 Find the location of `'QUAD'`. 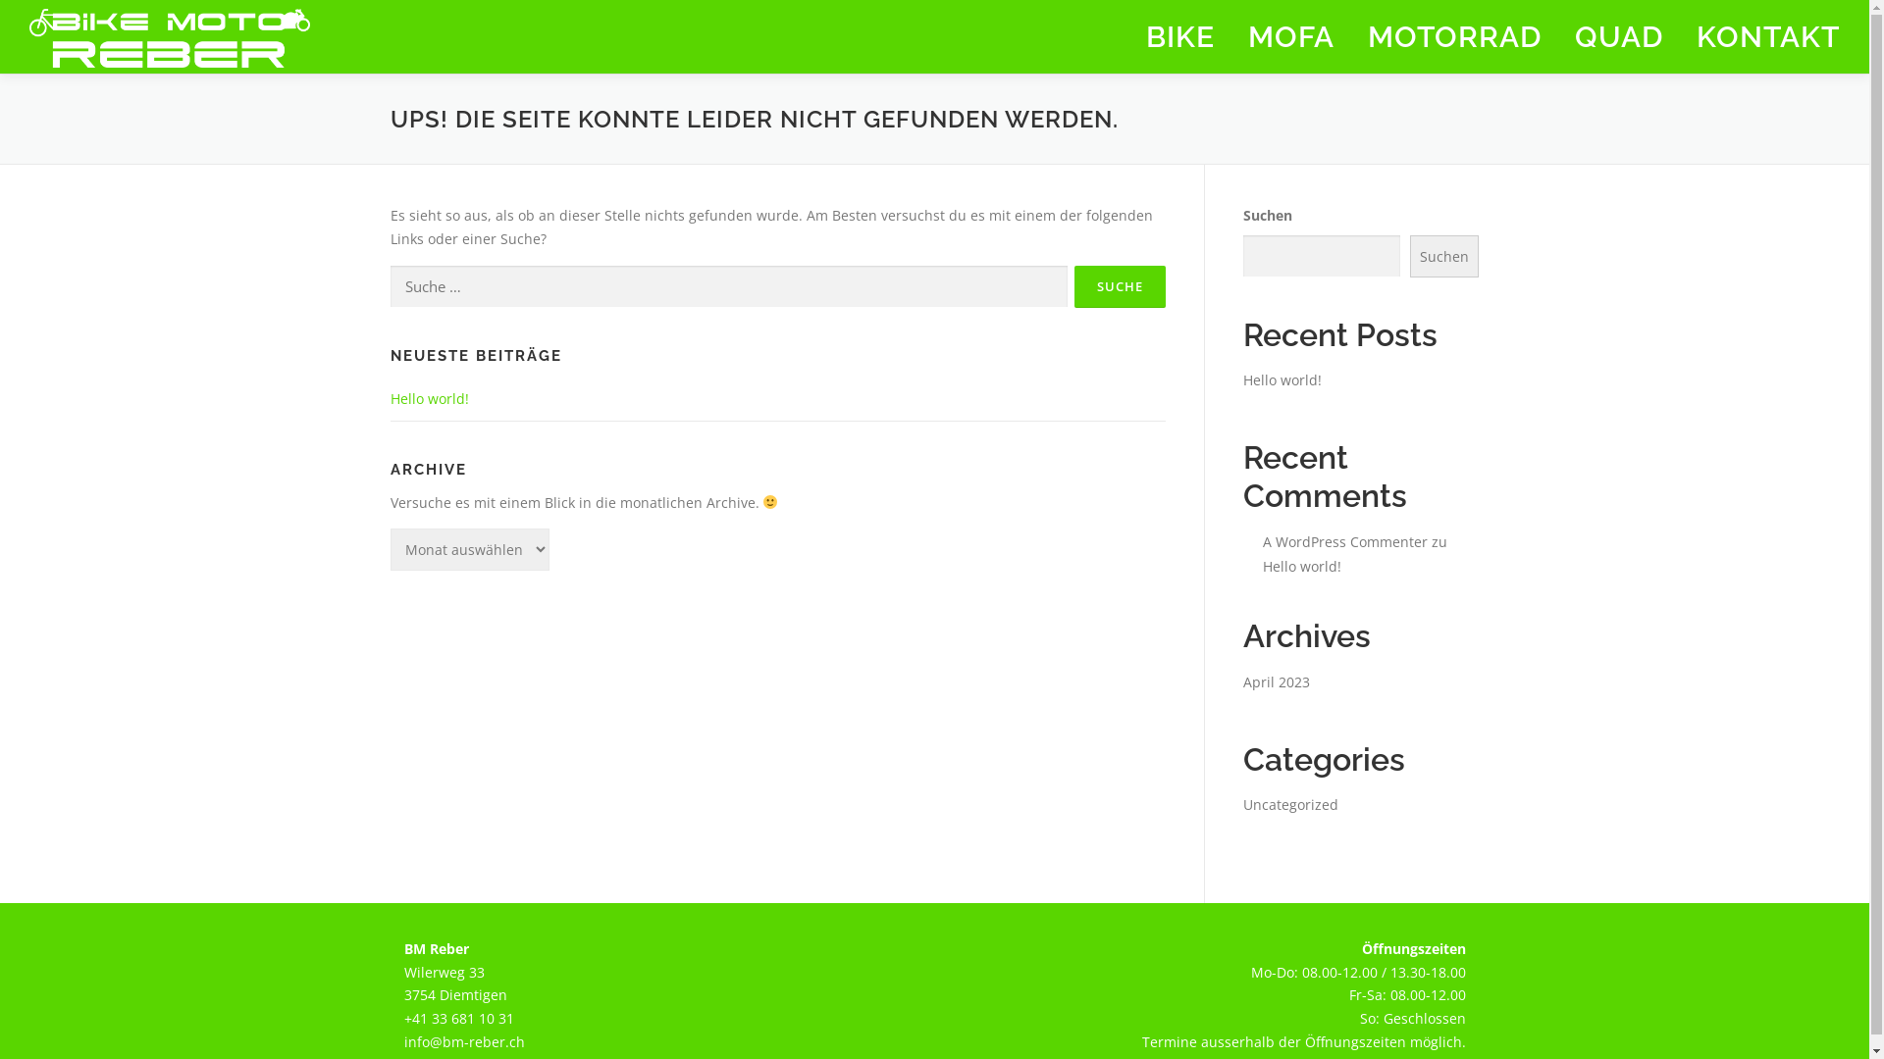

'QUAD' is located at coordinates (1619, 36).